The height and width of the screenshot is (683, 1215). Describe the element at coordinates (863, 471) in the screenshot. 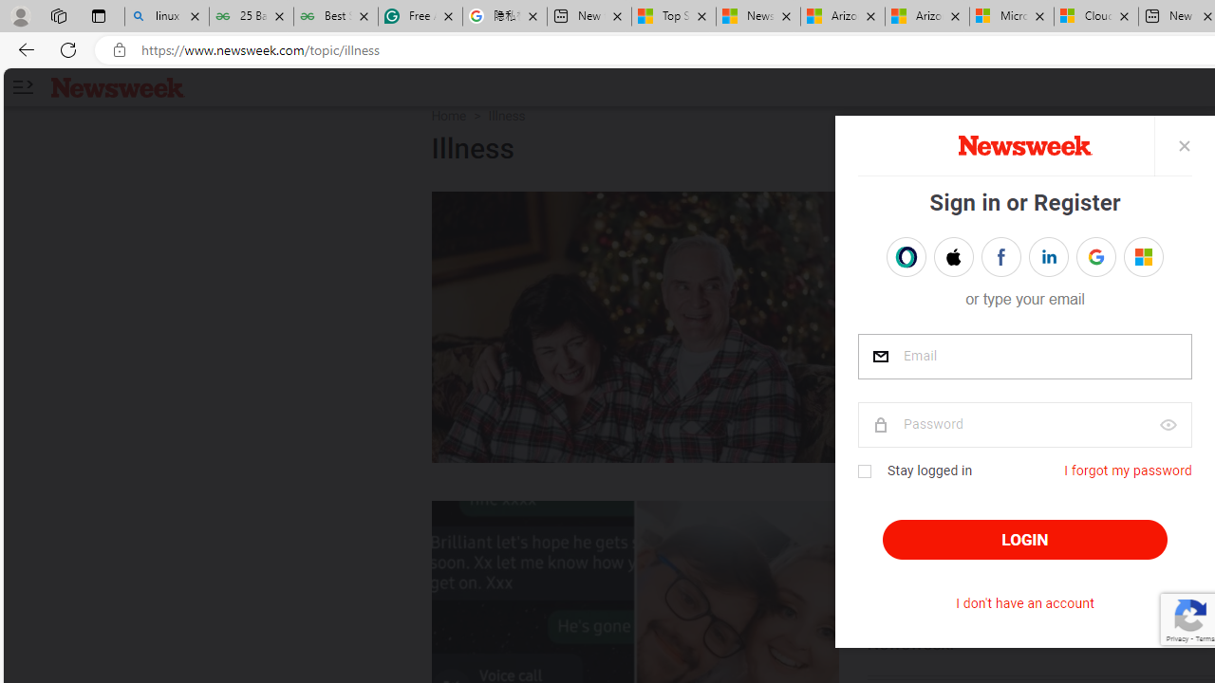

I see `'Class: checkbox'` at that location.